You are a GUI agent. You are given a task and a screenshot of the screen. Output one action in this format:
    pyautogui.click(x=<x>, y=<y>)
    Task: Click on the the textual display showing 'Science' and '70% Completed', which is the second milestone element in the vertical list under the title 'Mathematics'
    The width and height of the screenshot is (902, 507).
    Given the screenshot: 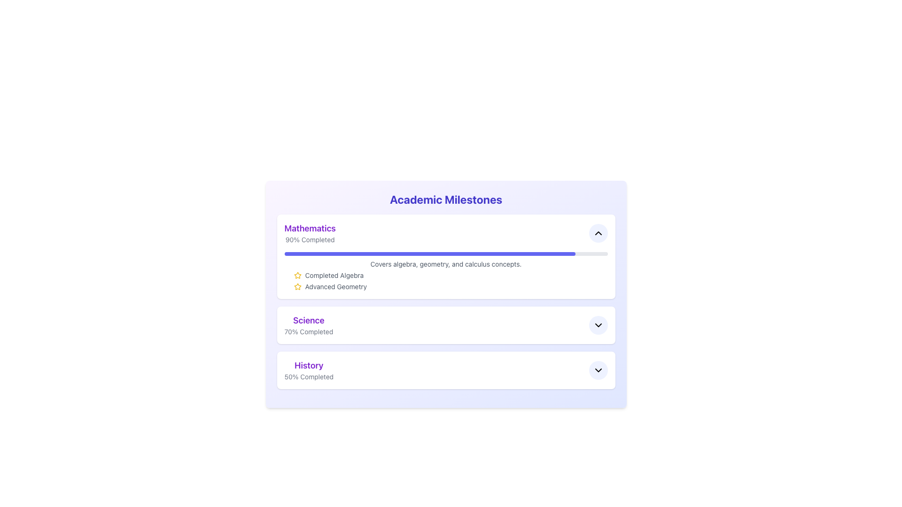 What is the action you would take?
    pyautogui.click(x=309, y=325)
    